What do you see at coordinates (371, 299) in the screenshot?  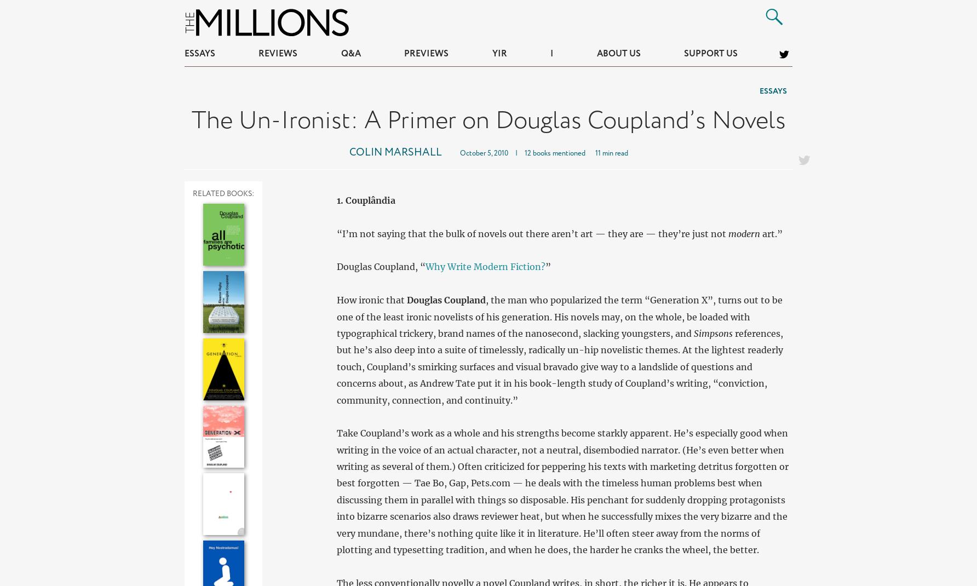 I see `'How ironic that'` at bounding box center [371, 299].